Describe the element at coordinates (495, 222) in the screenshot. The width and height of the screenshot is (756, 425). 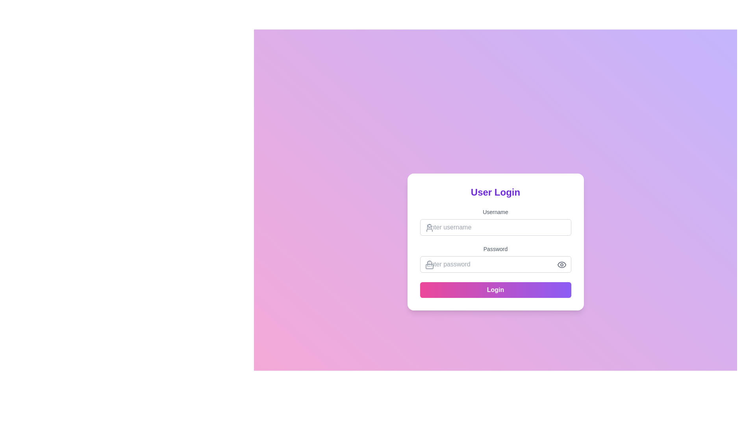
I see `the username input field in the login form to focus on it` at that location.